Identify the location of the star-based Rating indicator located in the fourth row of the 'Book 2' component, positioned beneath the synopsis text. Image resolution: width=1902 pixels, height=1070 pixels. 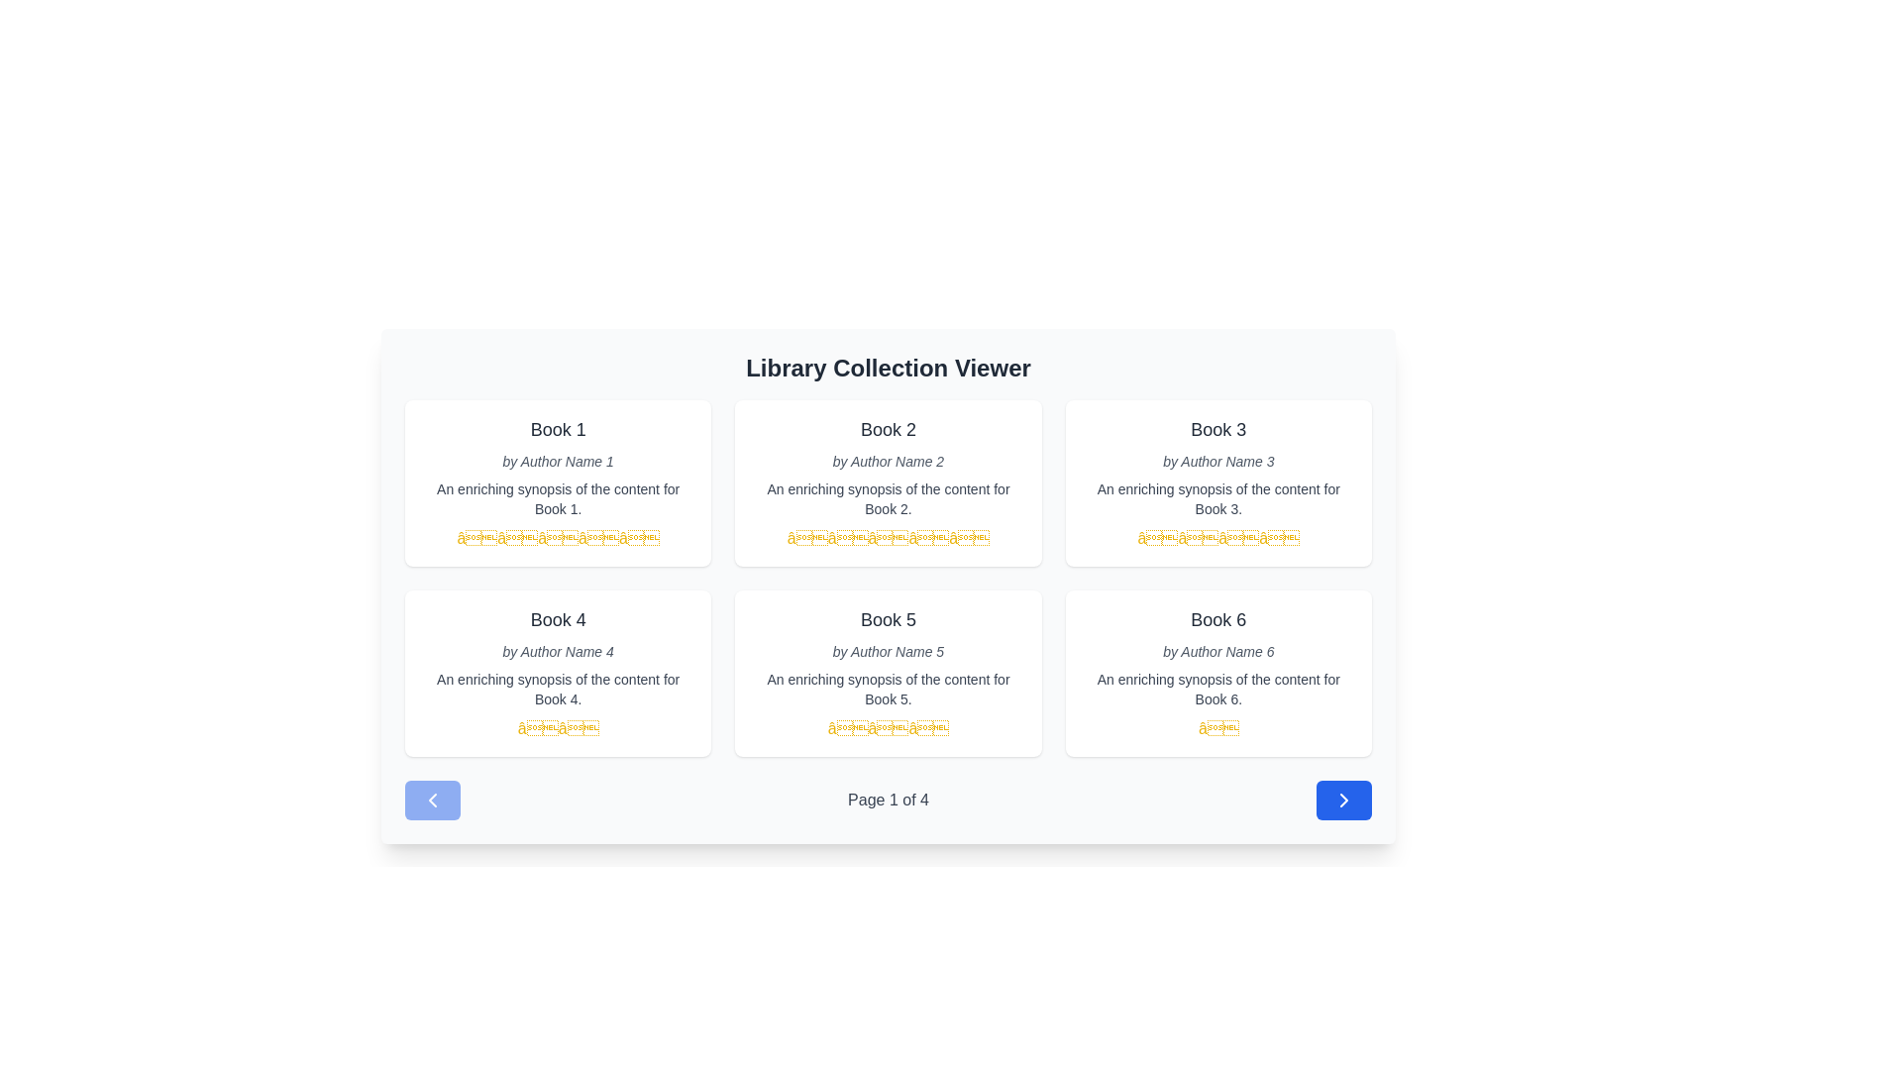
(888, 538).